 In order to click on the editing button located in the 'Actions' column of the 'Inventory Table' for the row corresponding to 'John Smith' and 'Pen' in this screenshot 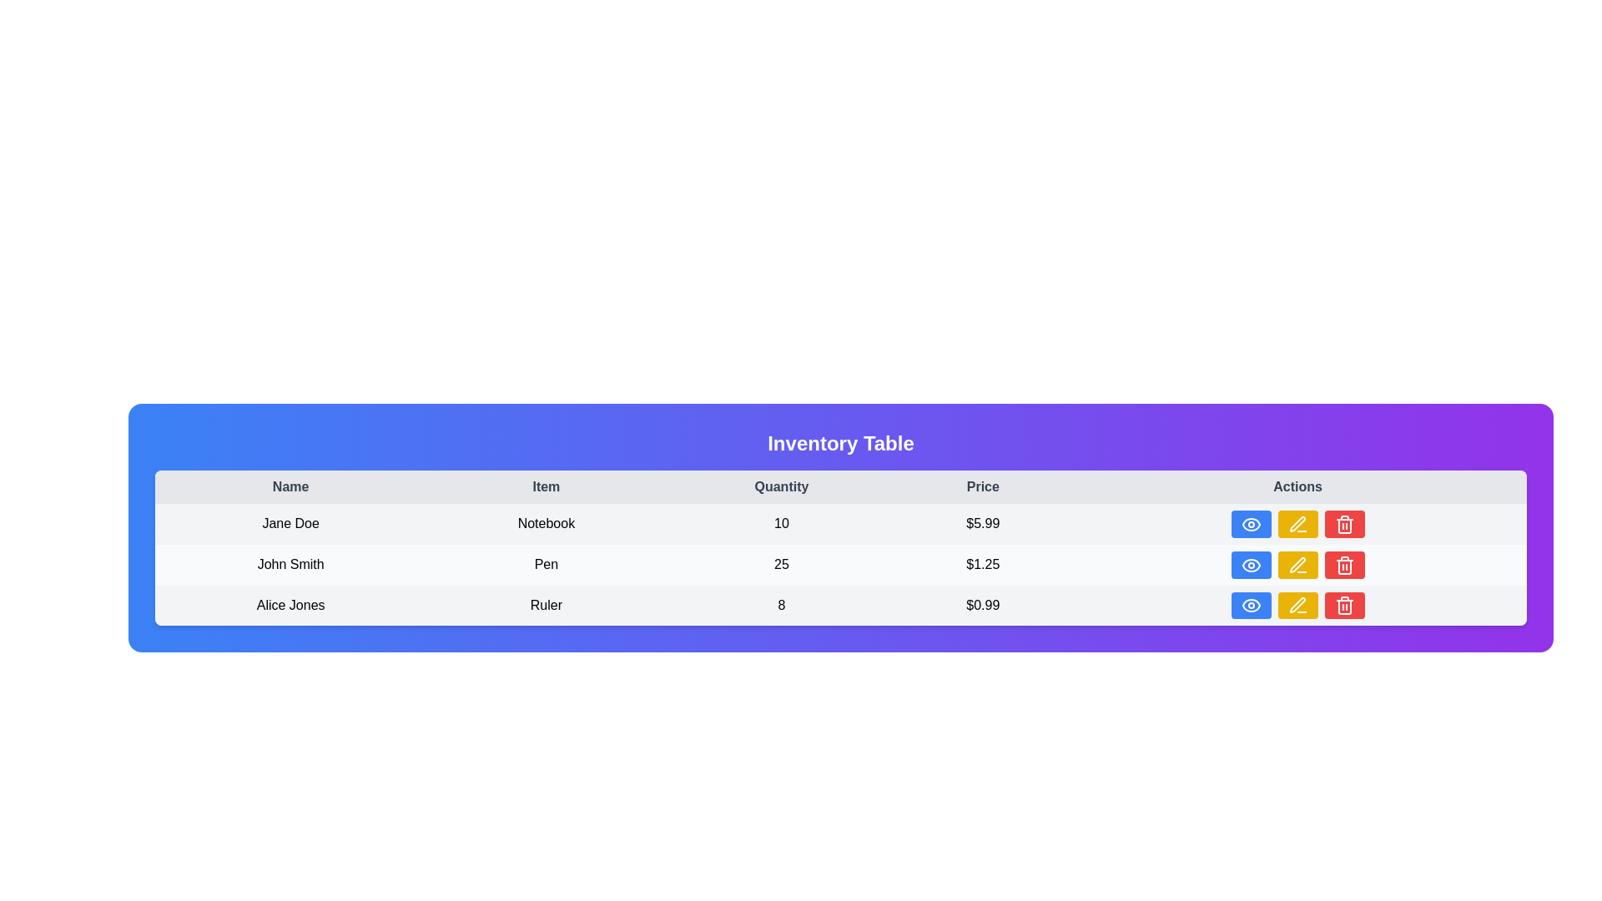, I will do `click(1297, 564)`.